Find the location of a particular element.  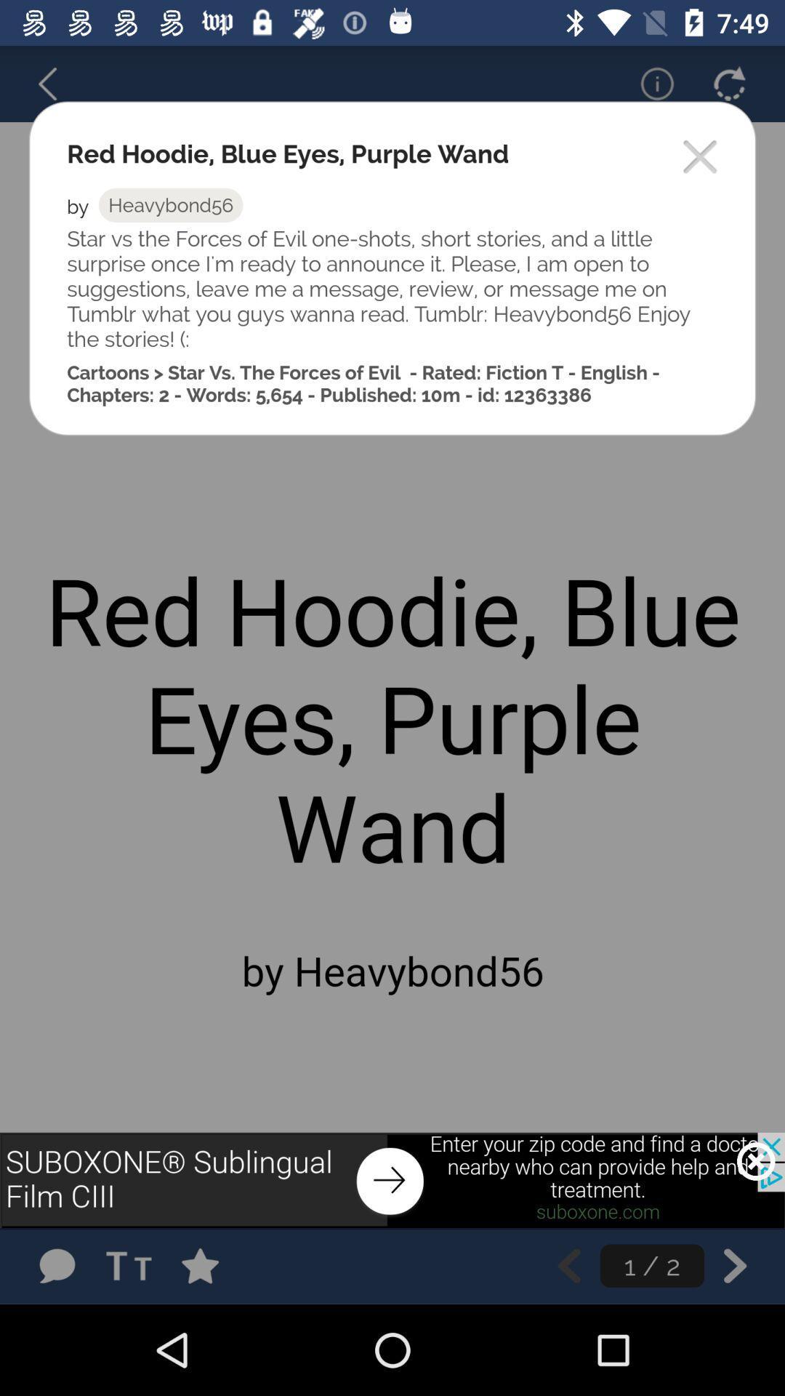

text is located at coordinates (133, 1265).